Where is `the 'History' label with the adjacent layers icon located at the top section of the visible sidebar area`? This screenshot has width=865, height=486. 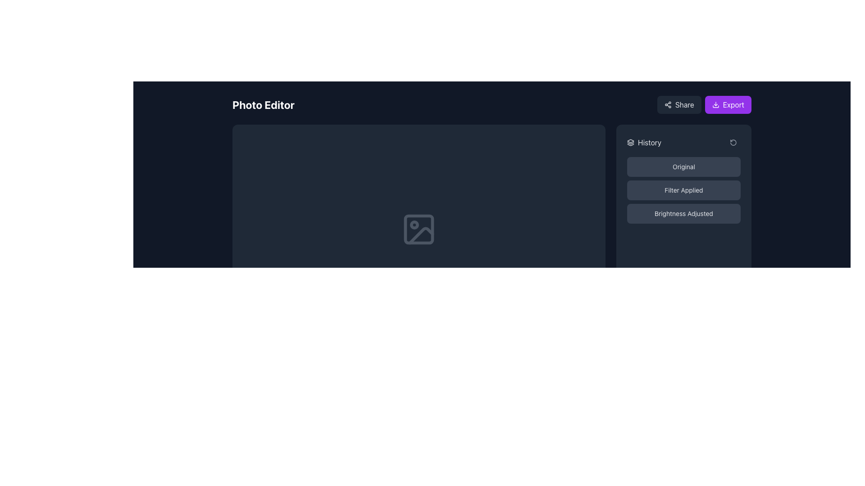
the 'History' label with the adjacent layers icon located at the top section of the visible sidebar area is located at coordinates (644, 142).